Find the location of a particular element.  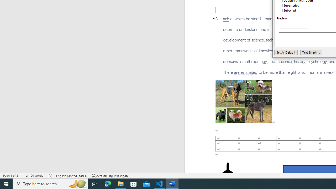

'Subscript' is located at coordinates (287, 10).